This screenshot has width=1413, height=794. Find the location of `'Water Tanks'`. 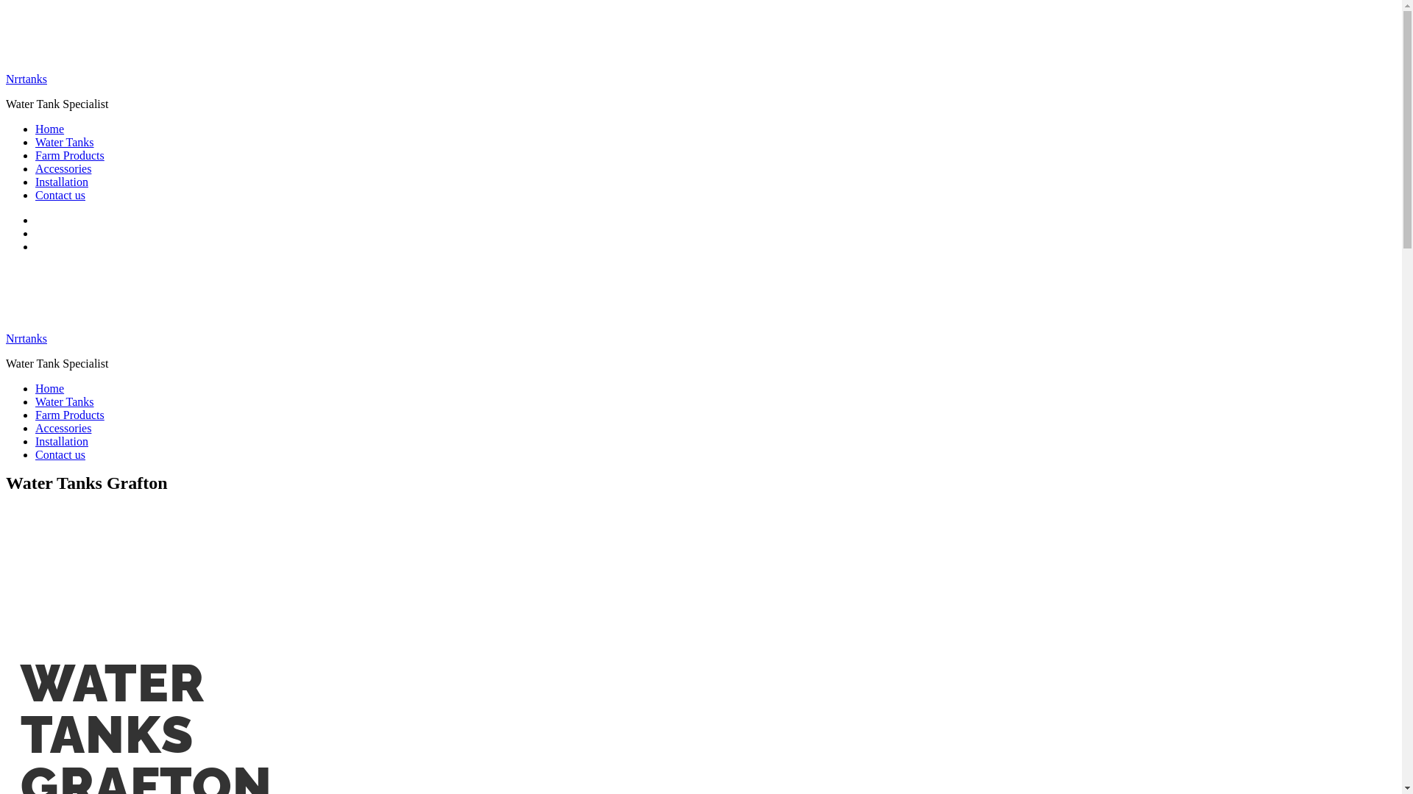

'Water Tanks' is located at coordinates (63, 142).